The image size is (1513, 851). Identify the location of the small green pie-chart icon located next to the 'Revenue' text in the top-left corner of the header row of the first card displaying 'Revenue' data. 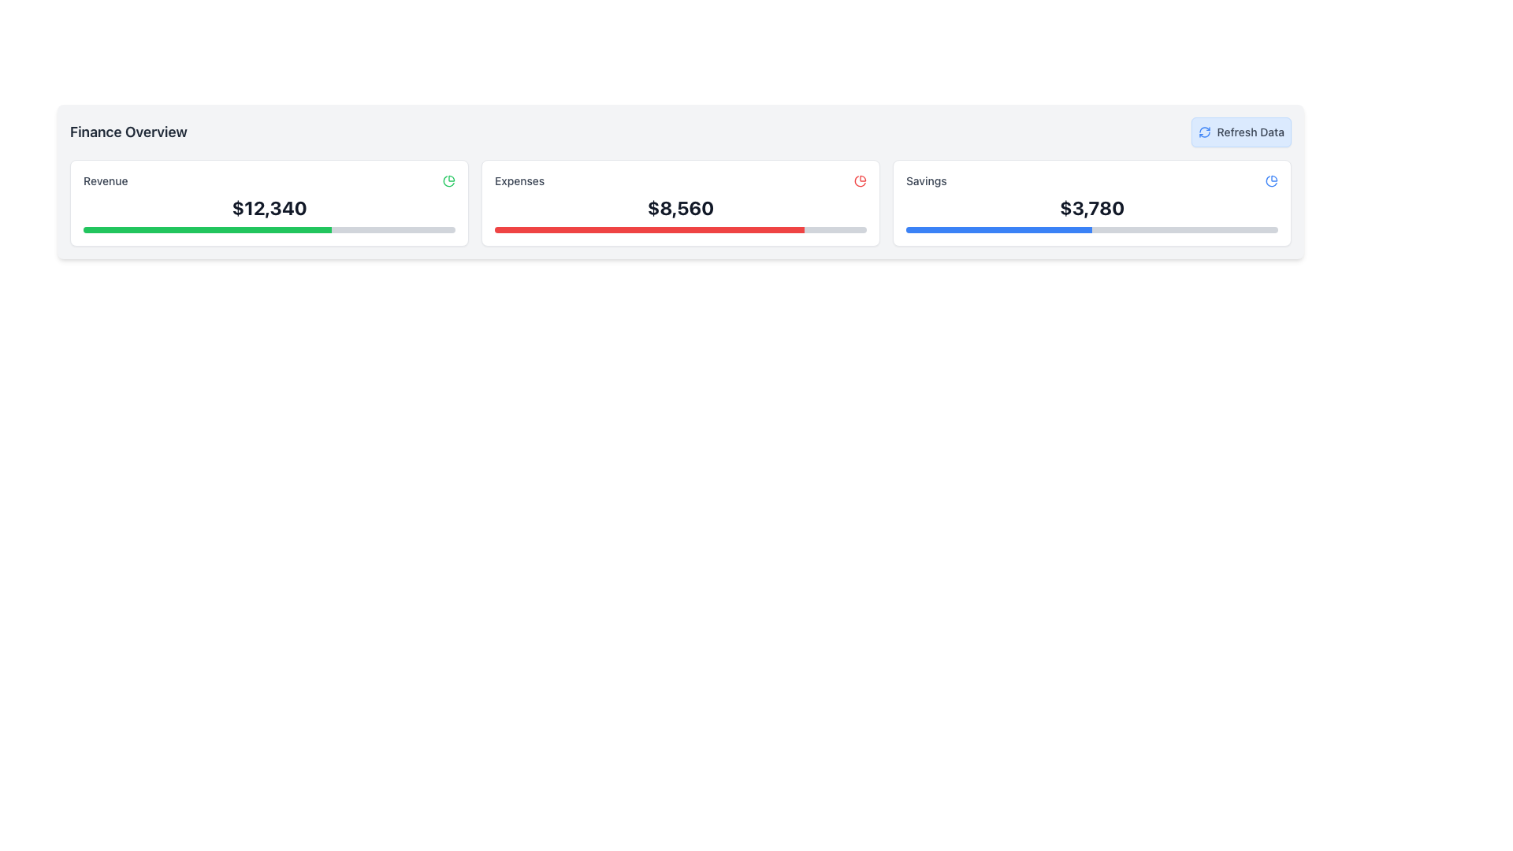
(448, 180).